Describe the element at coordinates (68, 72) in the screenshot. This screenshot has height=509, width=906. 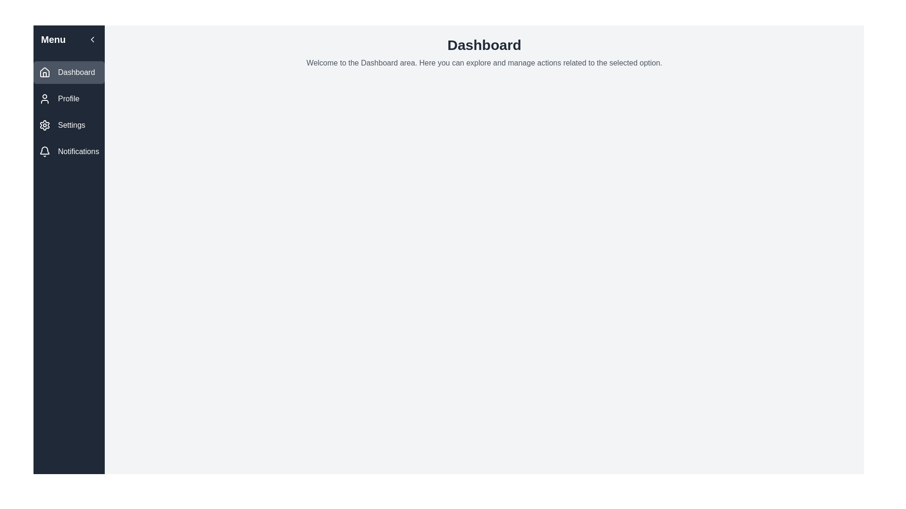
I see `the 'Dashboard' menu item in the side navigation bar` at that location.